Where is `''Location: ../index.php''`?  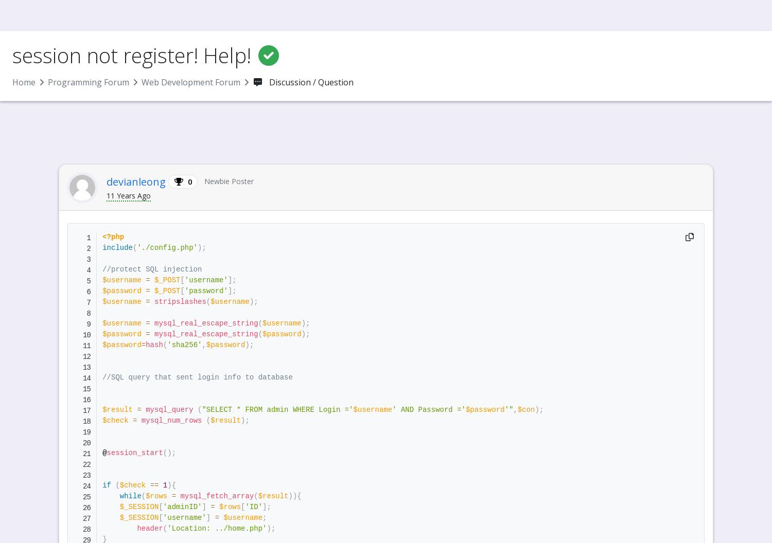
''Location: ../index.php'' is located at coordinates (249, 45).